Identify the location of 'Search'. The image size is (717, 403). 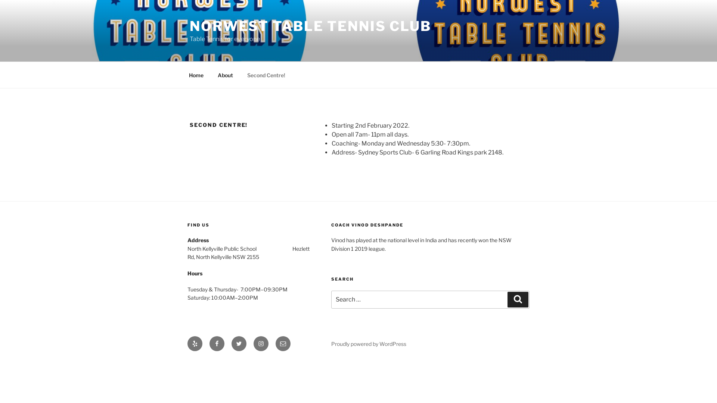
(518, 299).